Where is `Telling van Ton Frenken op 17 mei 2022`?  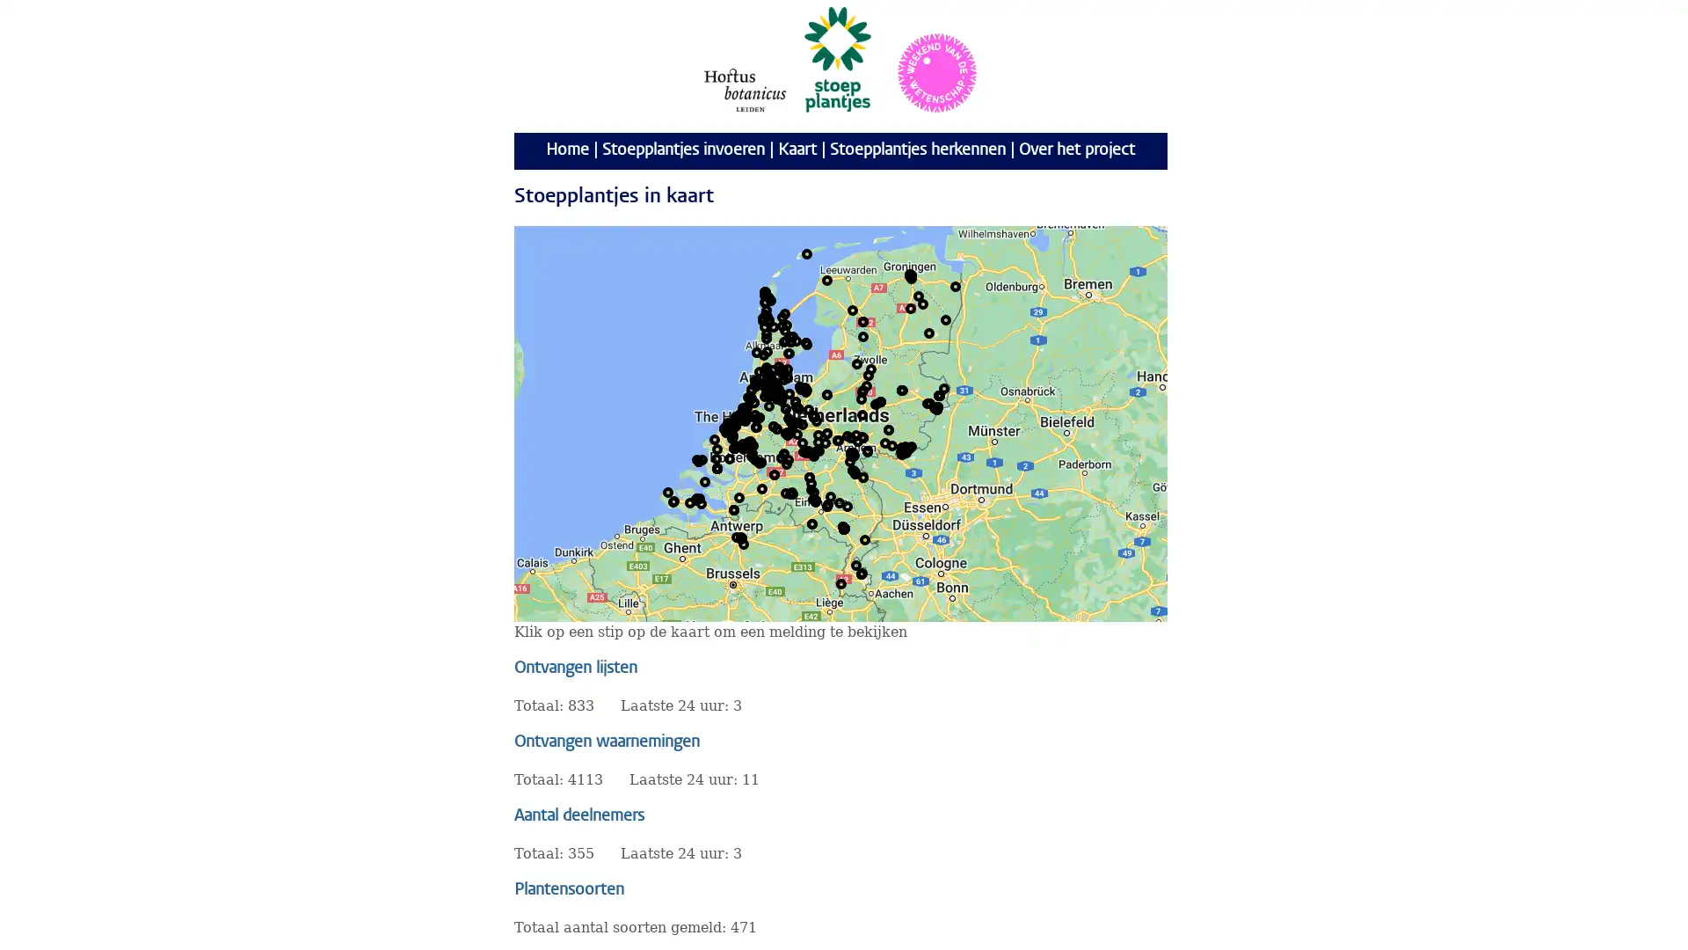 Telling van Ton Frenken op 17 mei 2022 is located at coordinates (842, 524).